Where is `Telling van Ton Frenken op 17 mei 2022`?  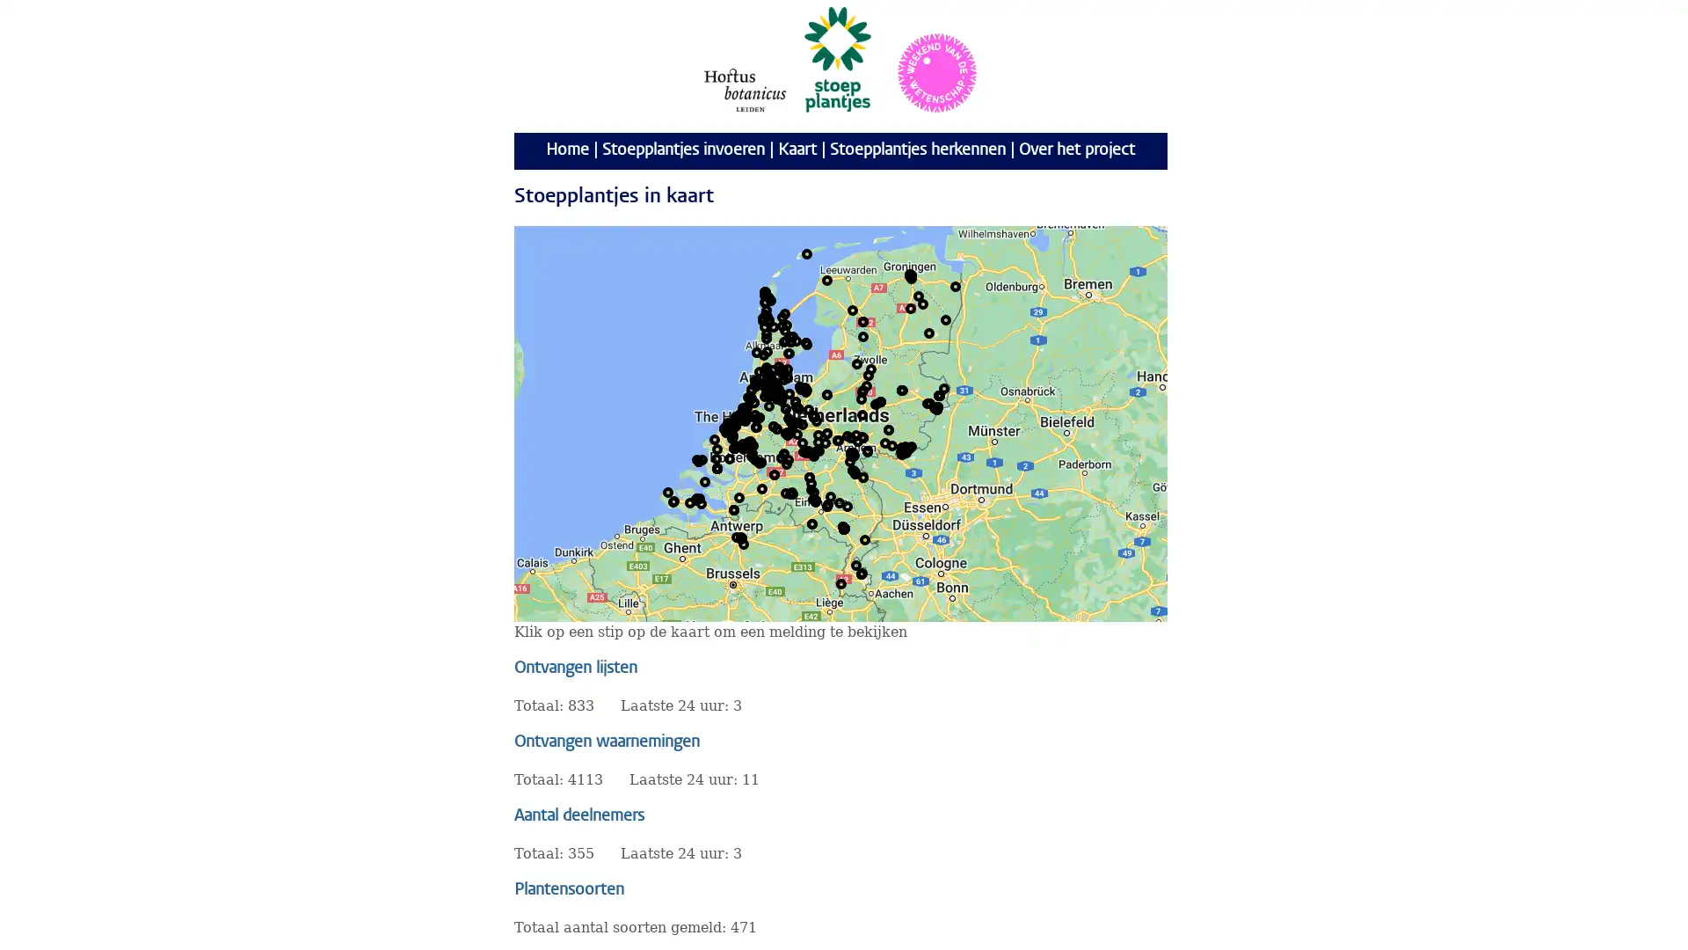 Telling van Ton Frenken op 17 mei 2022 is located at coordinates (842, 524).